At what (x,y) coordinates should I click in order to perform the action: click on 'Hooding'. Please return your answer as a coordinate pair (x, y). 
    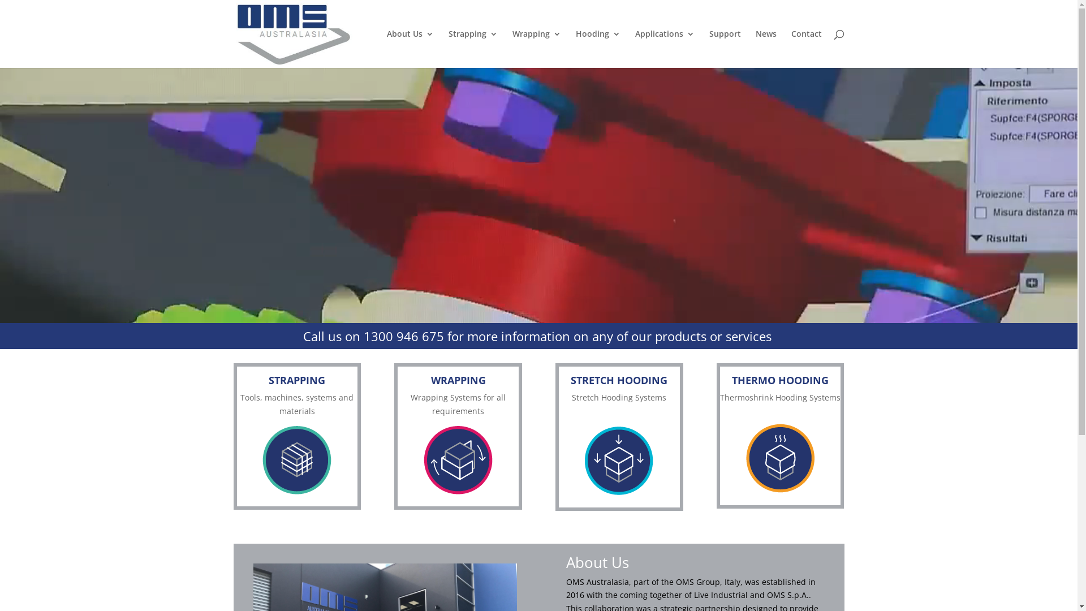
    Looking at the image, I should click on (575, 48).